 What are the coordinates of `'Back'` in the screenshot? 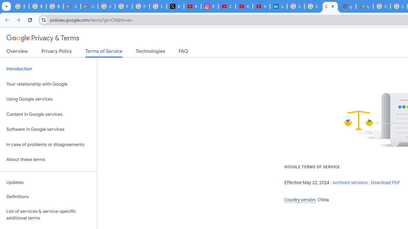 It's located at (6, 19).